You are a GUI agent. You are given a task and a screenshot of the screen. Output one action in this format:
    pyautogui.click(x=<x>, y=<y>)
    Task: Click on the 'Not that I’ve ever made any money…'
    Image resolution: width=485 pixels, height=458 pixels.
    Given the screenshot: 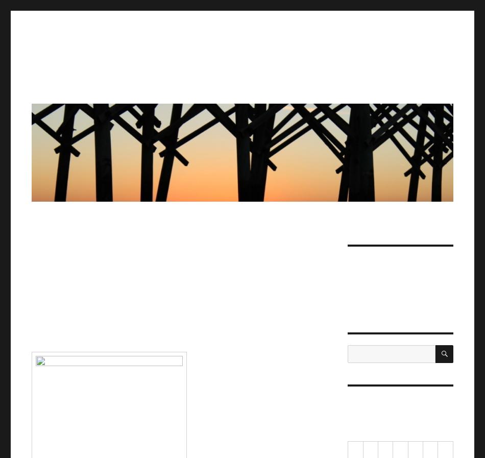 What is the action you would take?
    pyautogui.click(x=347, y=268)
    